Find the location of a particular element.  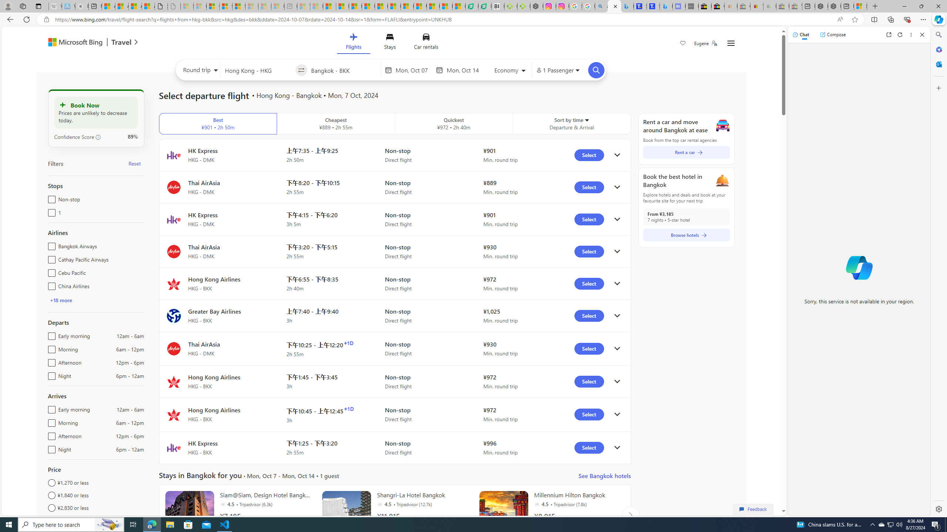

'Class: msft-travel-logo' is located at coordinates (121, 42).